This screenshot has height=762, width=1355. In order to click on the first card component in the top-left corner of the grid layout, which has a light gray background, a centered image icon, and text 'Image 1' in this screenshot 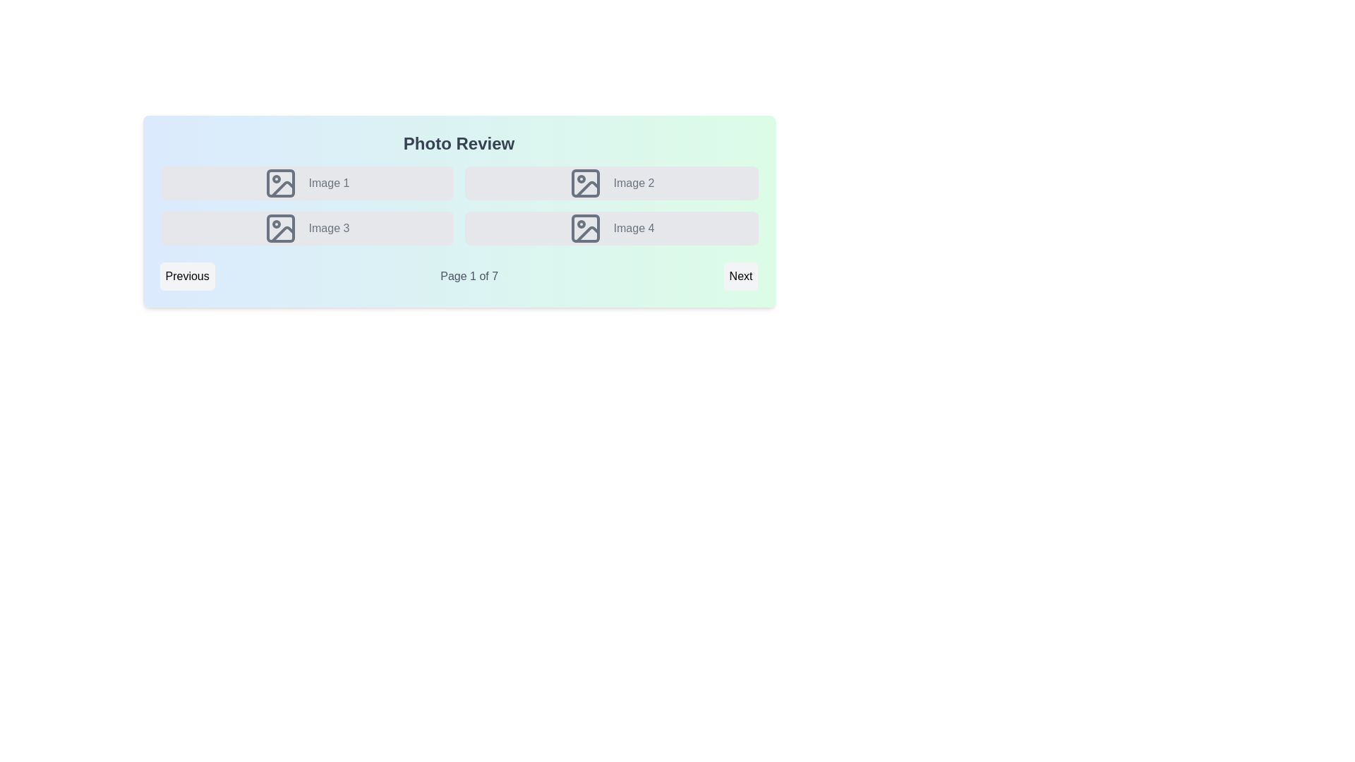, I will do `click(306, 182)`.